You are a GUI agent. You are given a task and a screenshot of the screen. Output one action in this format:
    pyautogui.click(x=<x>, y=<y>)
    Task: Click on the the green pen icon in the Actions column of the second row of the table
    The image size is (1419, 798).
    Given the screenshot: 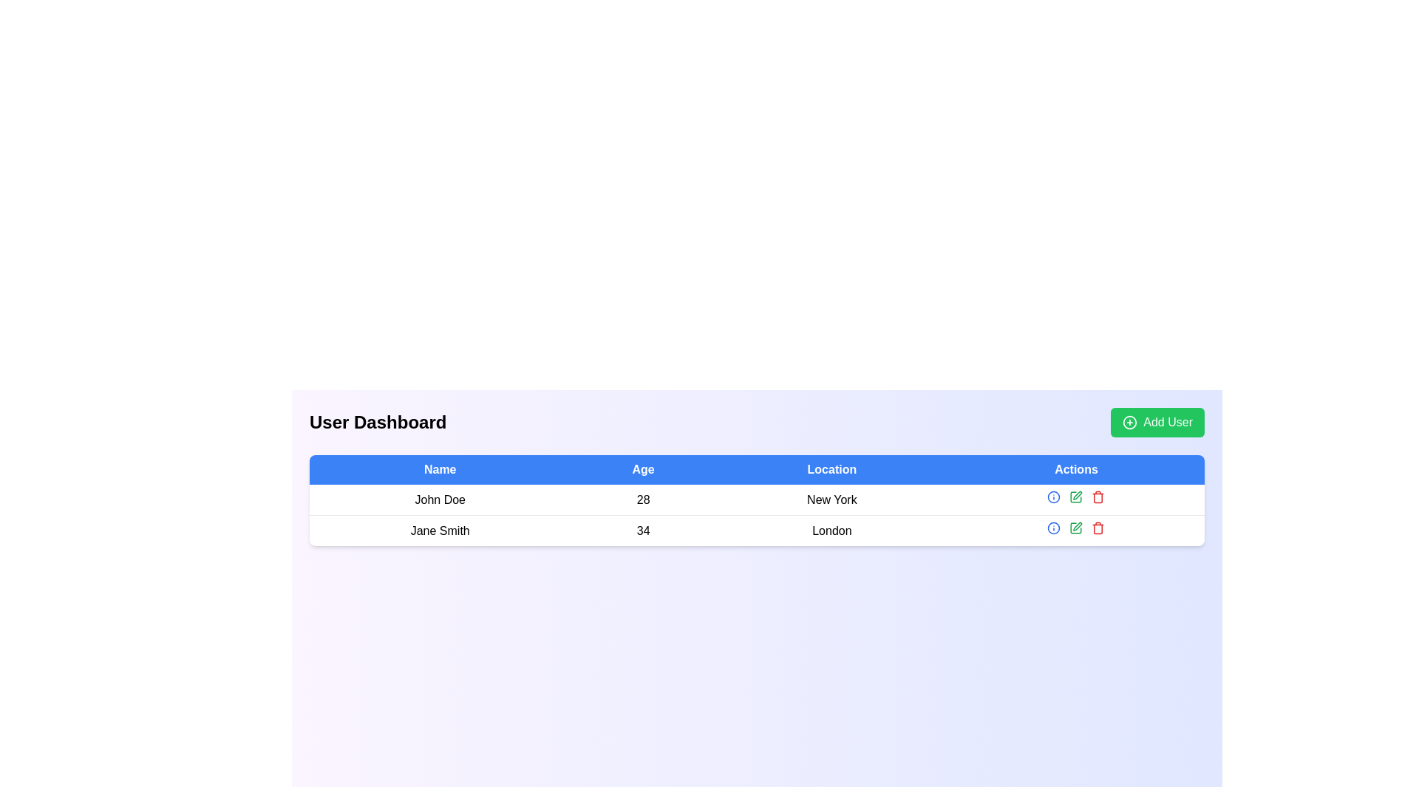 What is the action you would take?
    pyautogui.click(x=1076, y=497)
    